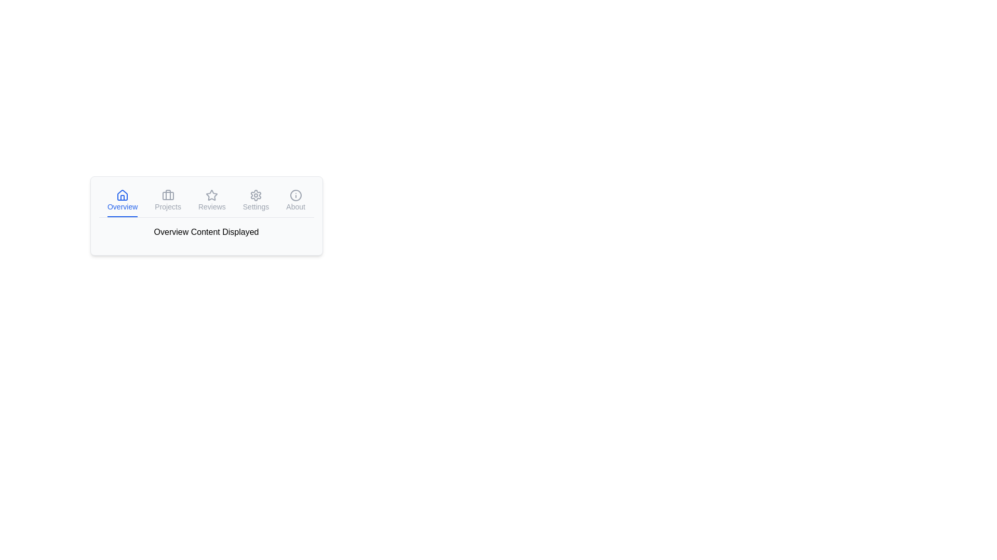  I want to click on the tab labeled Overview to view its content, so click(122, 201).